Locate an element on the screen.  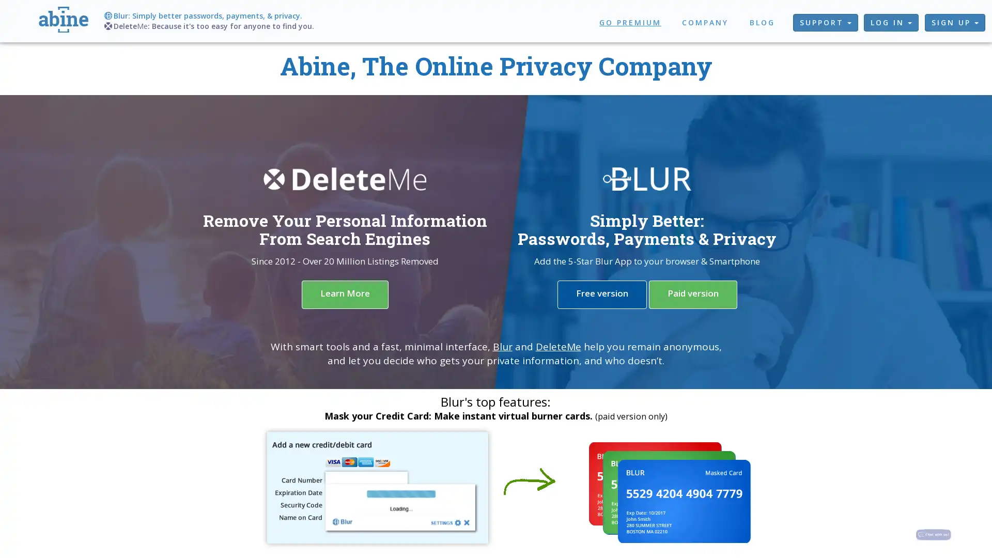
Chat with us! is located at coordinates (936, 534).